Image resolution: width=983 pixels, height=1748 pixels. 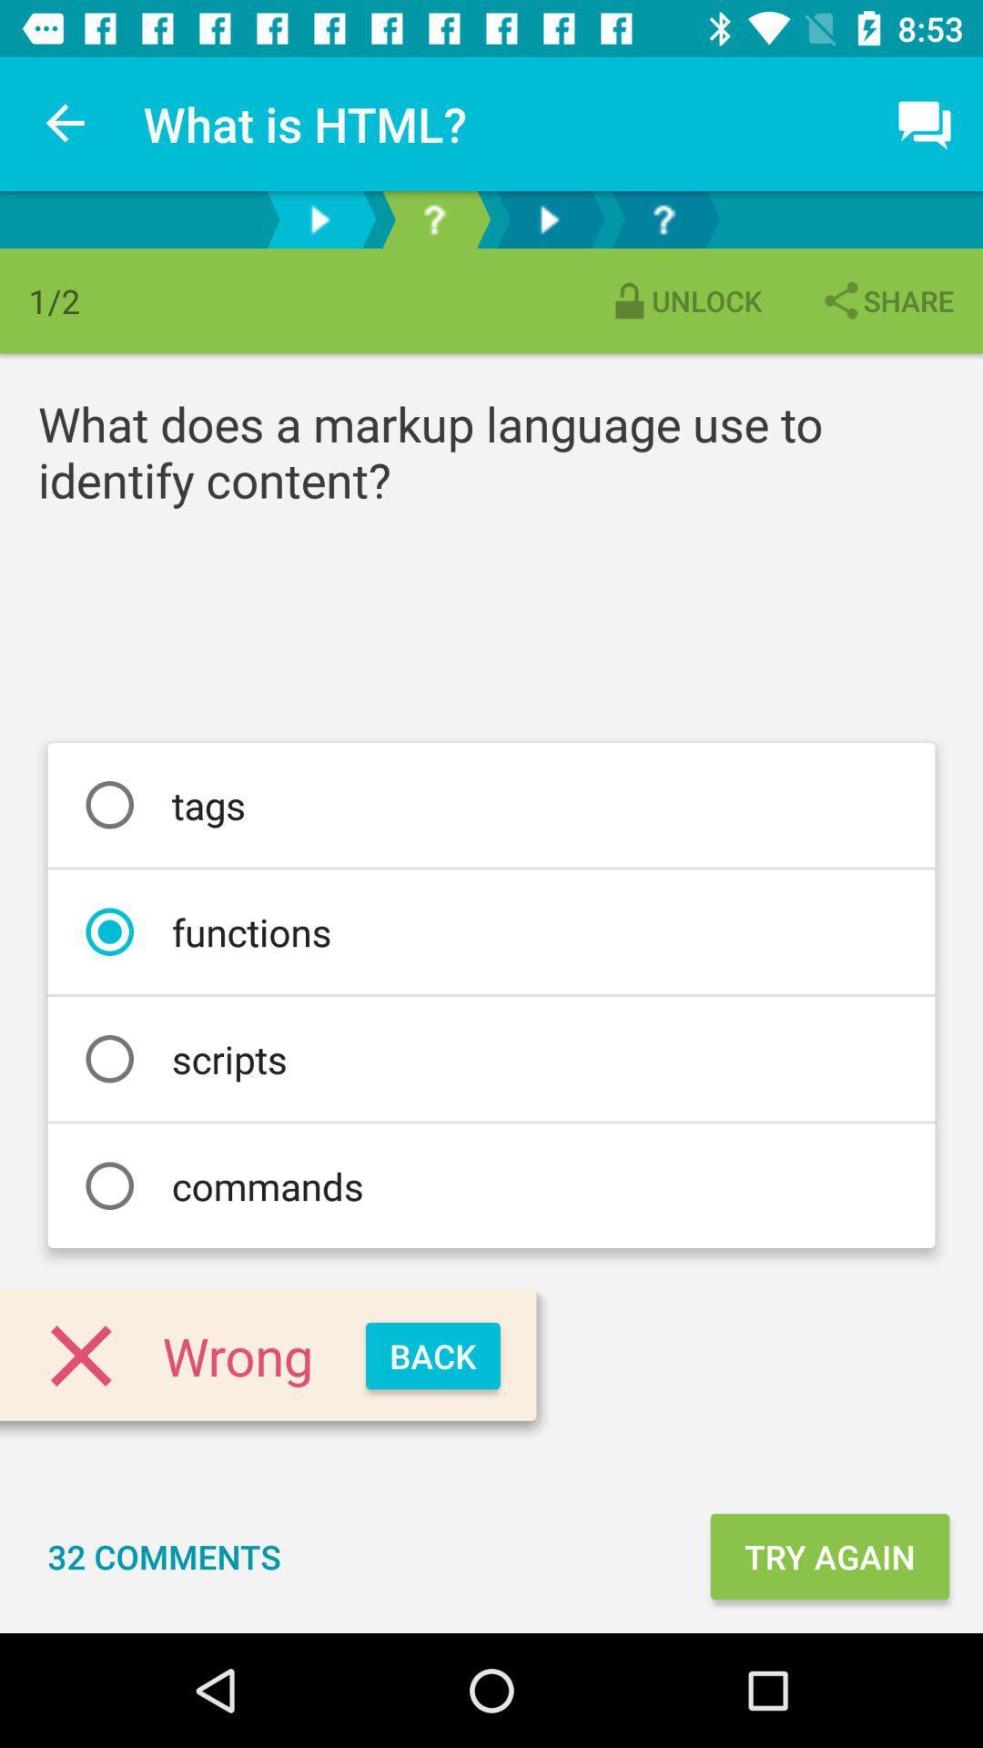 What do you see at coordinates (829, 1555) in the screenshot?
I see `item next to the 32 comments` at bounding box center [829, 1555].